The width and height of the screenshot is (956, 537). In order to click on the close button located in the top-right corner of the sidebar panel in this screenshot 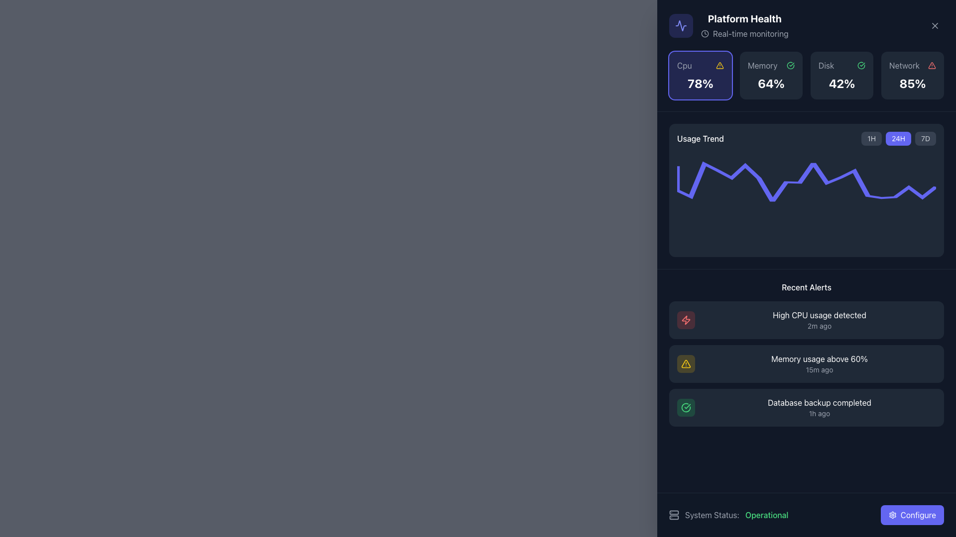, I will do `click(934, 25)`.